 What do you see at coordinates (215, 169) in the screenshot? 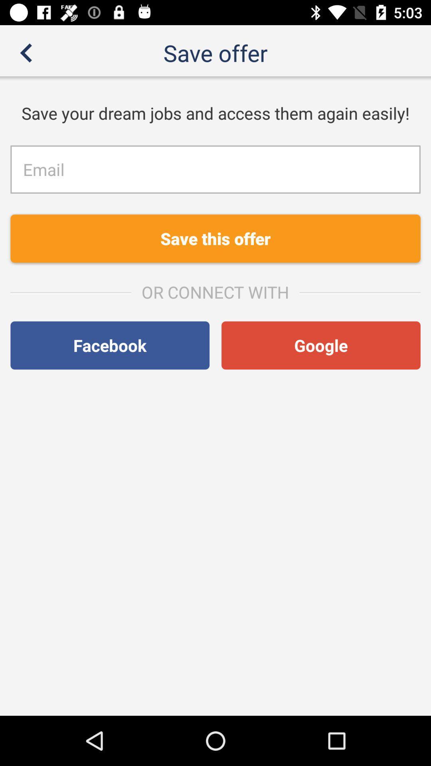
I see `mail` at bounding box center [215, 169].